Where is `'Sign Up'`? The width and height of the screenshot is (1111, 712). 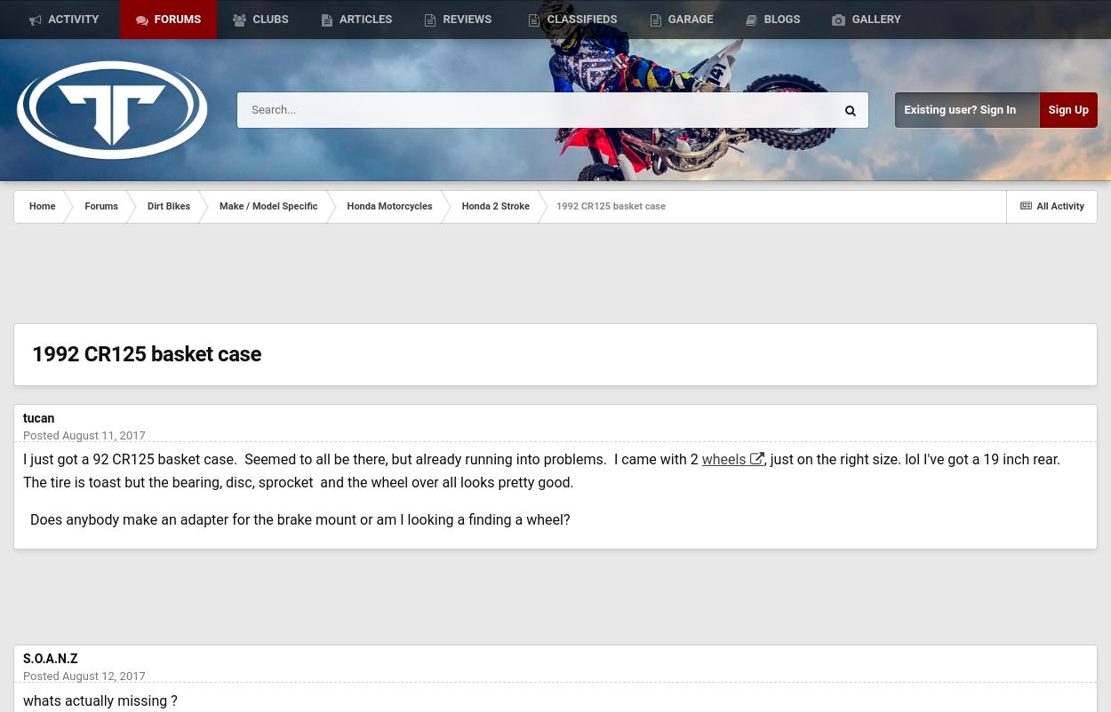
'Sign Up' is located at coordinates (1067, 108).